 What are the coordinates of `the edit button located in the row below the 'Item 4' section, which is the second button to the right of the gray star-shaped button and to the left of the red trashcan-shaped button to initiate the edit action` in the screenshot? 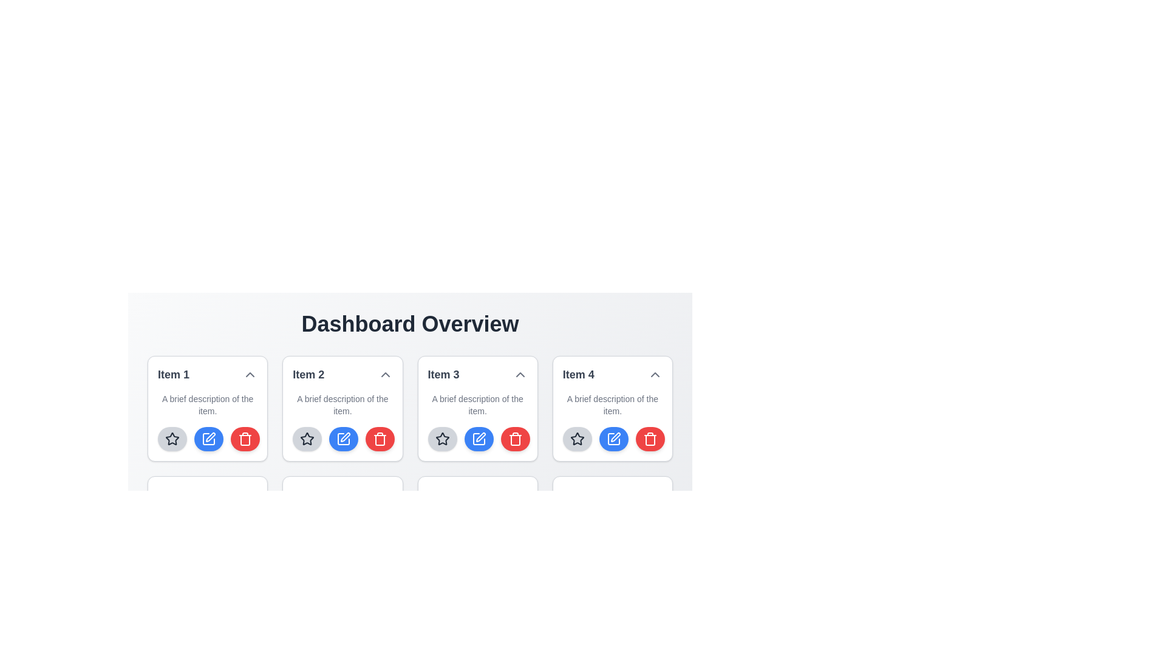 It's located at (612, 439).